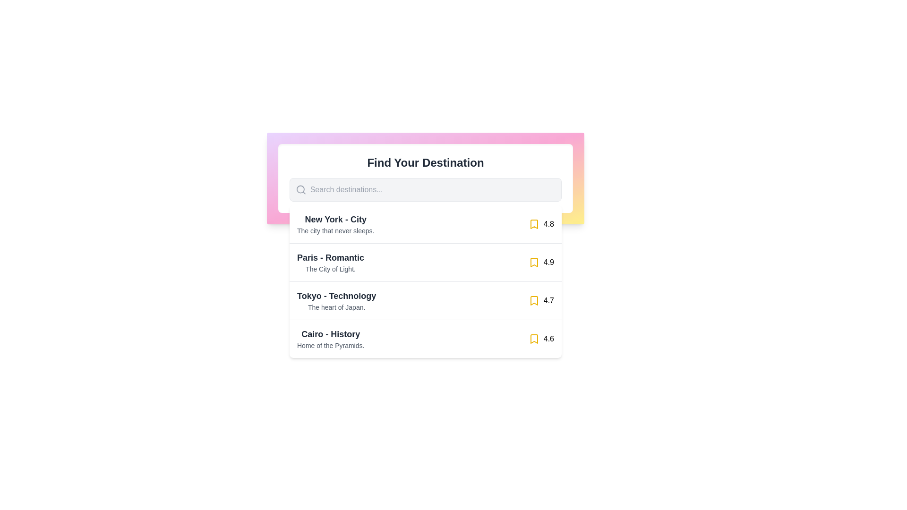 The width and height of the screenshot is (907, 510). What do you see at coordinates (534, 224) in the screenshot?
I see `the bookmark icon located at the end of the line for 'New York - City' in the vertical list` at bounding box center [534, 224].